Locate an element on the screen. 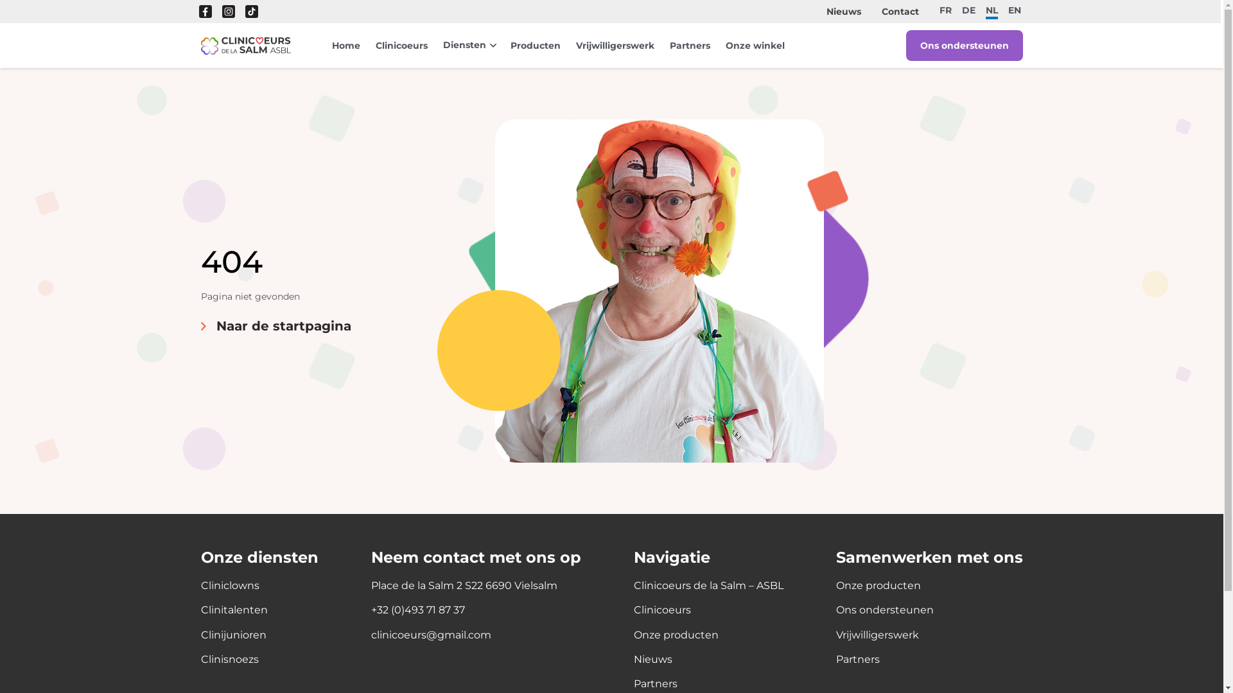 The width and height of the screenshot is (1233, 693). 'Instagram' is located at coordinates (228, 12).